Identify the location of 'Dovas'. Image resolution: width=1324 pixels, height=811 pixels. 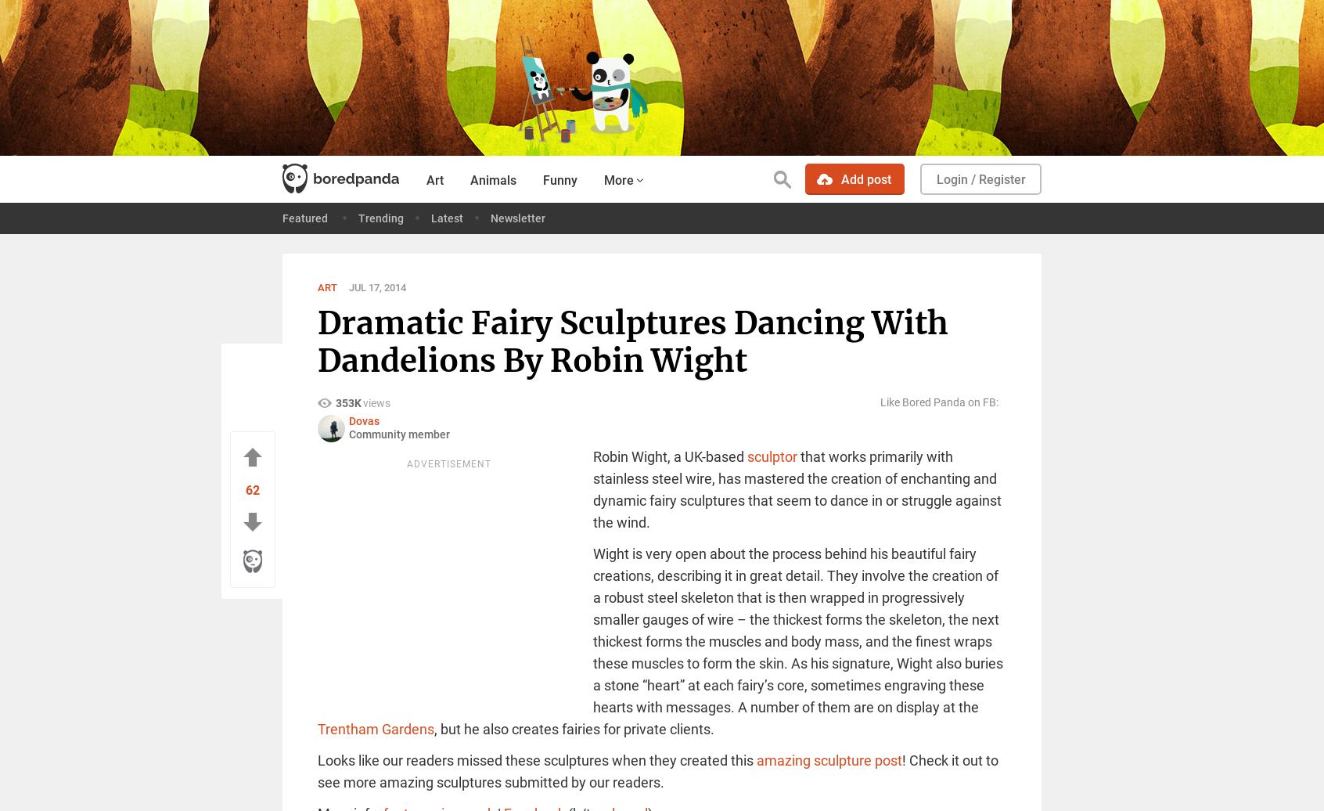
(363, 420).